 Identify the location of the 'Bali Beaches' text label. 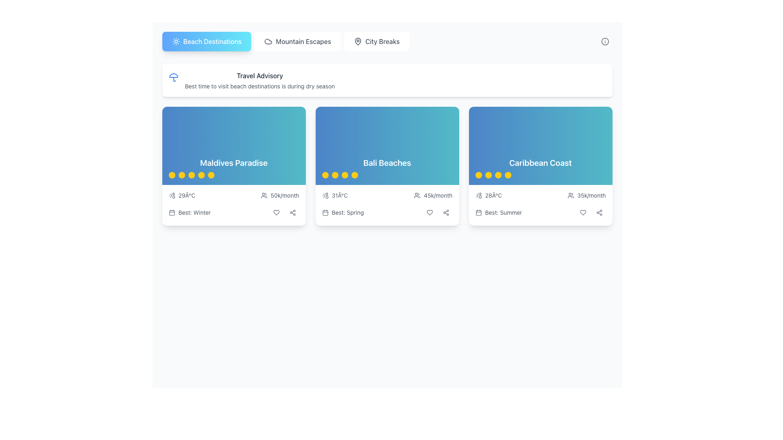
(387, 163).